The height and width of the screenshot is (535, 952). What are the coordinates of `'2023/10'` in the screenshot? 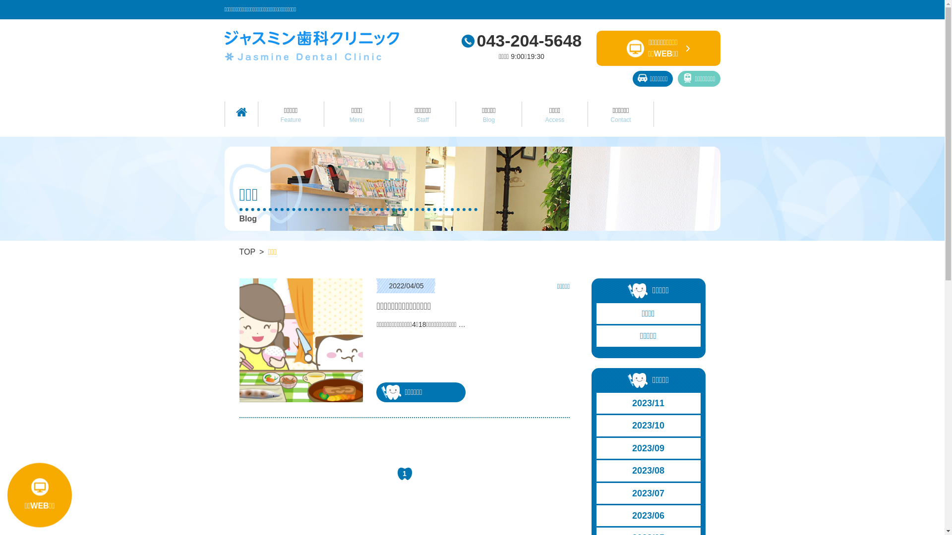 It's located at (649, 425).